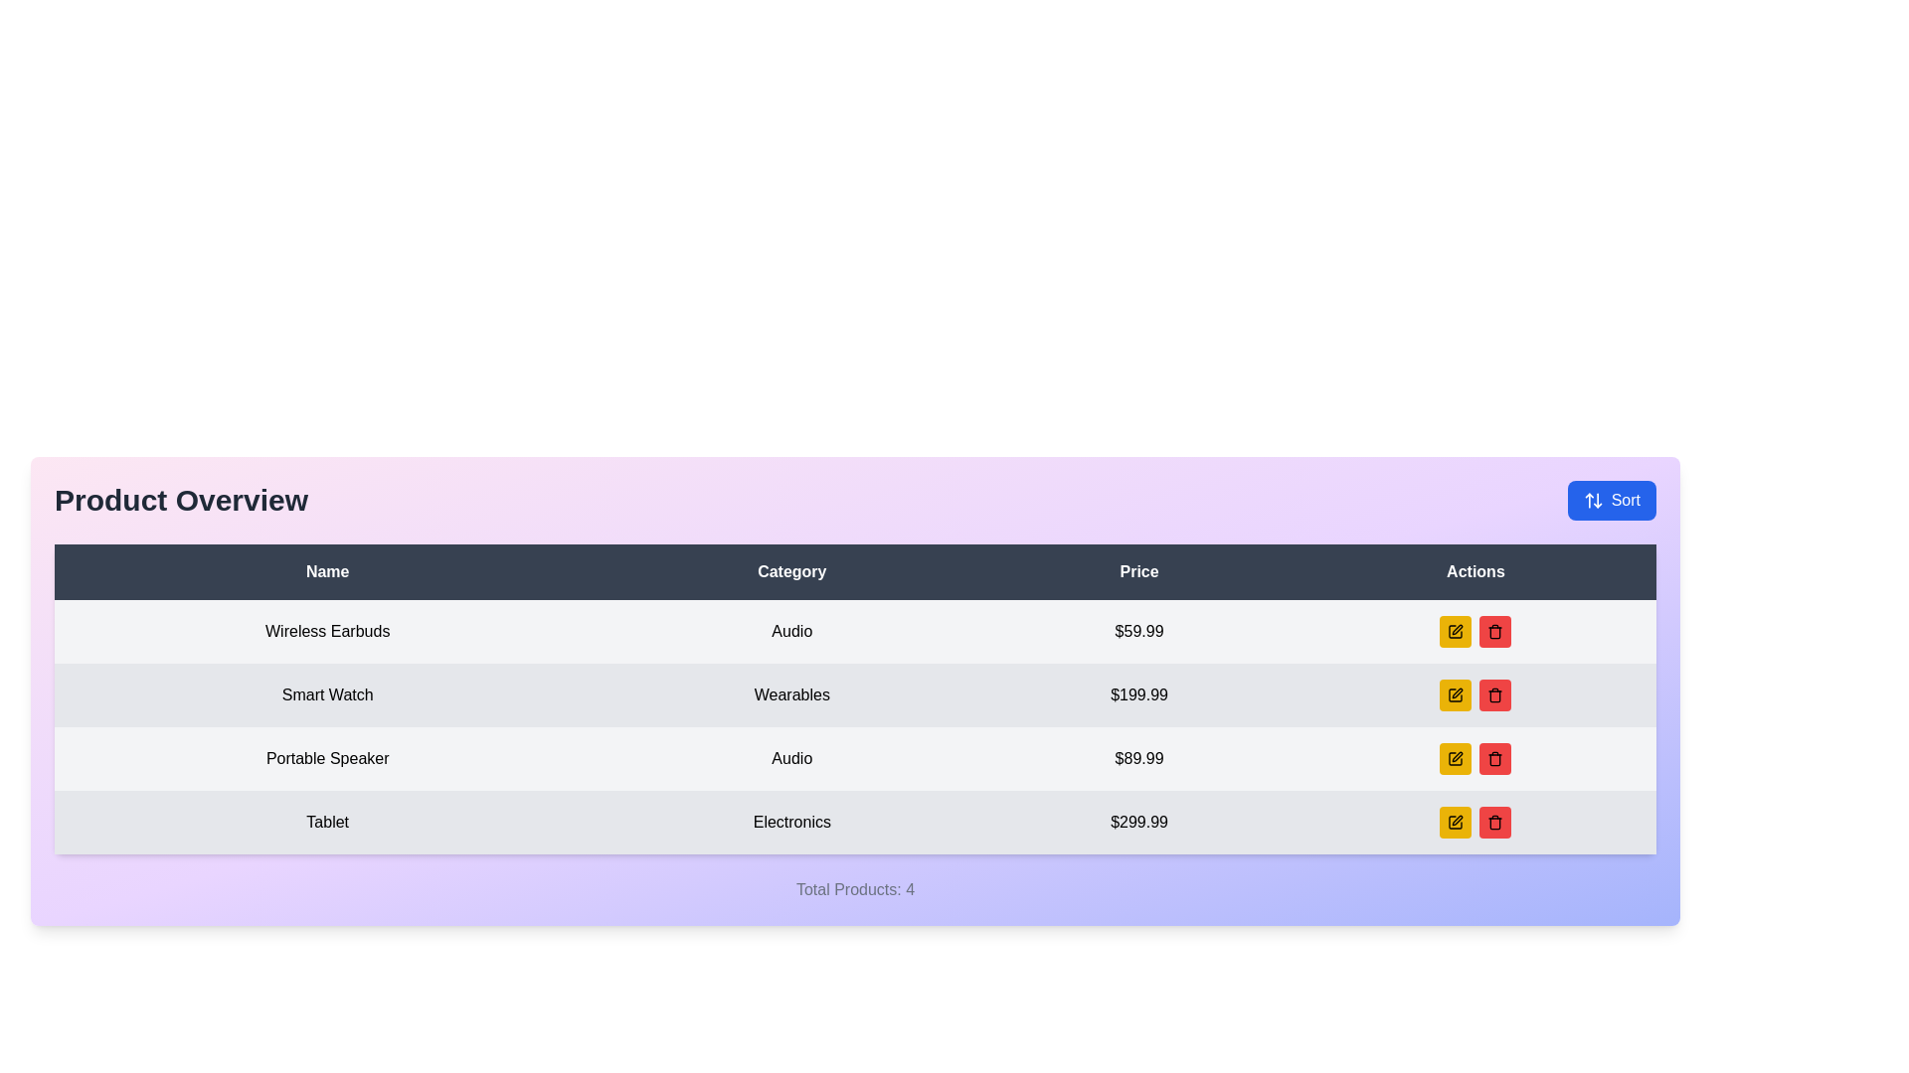 This screenshot has width=1909, height=1073. I want to click on the Static Text displaying the price of $199.99 in the third column of the second row under the 'Smart Watch' category, so click(1139, 693).